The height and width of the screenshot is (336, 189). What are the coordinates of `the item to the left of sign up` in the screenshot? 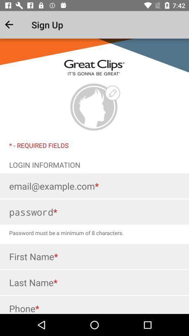 It's located at (15, 24).